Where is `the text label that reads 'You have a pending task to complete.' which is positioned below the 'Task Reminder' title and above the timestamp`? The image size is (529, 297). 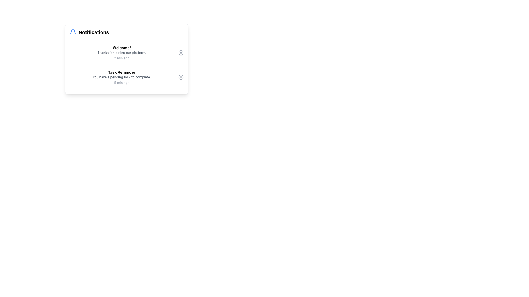 the text label that reads 'You have a pending task to complete.' which is positioned below the 'Task Reminder' title and above the timestamp is located at coordinates (121, 77).